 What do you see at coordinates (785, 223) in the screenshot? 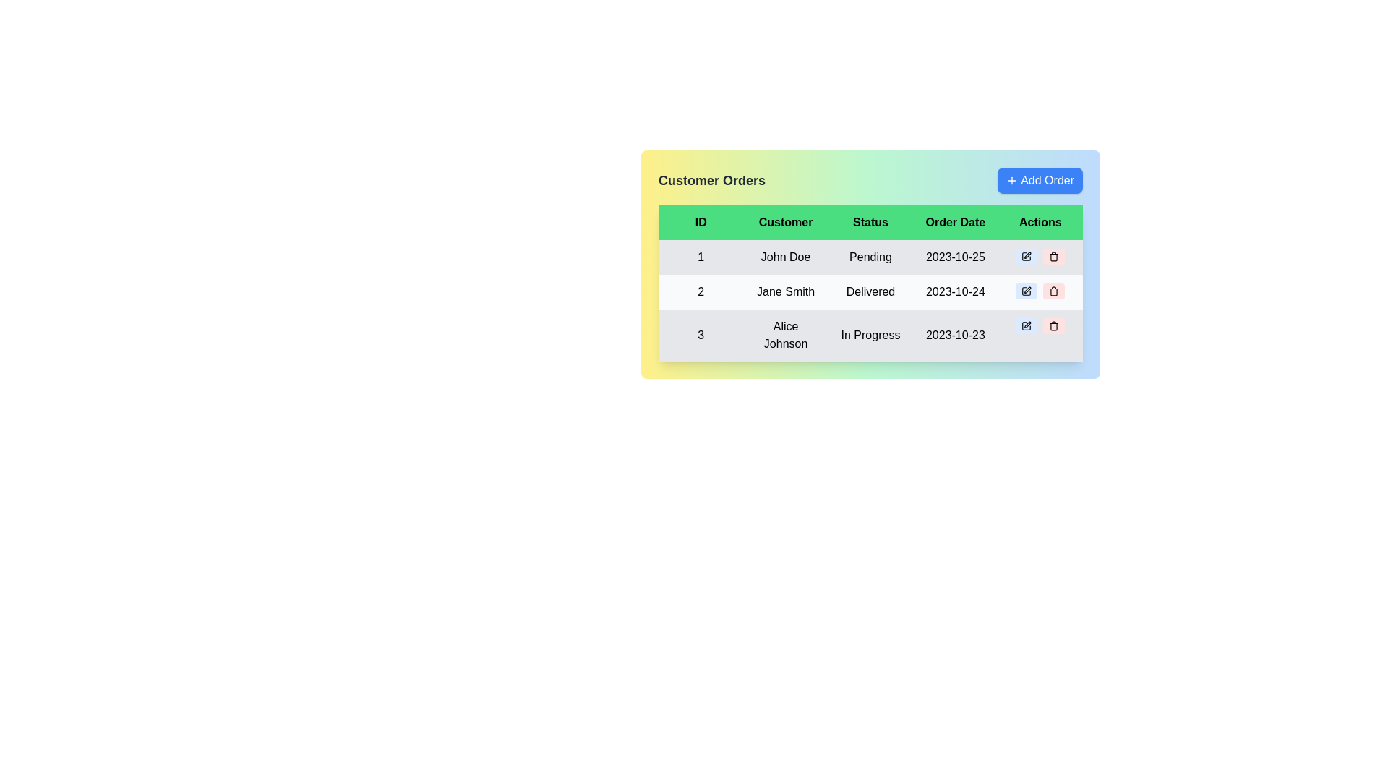
I see `the second column header in the customer data table, which is located between the 'ID' and 'Status' headers` at bounding box center [785, 223].